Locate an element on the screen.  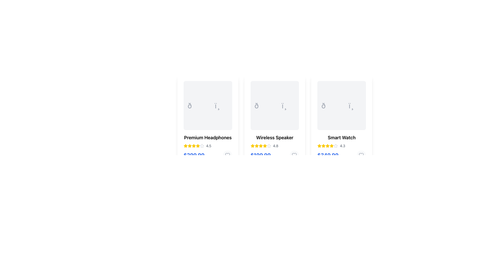
the gray star-shaped icon representing the product rating for the 'Wireless Speaker' to interact with it is located at coordinates (269, 146).